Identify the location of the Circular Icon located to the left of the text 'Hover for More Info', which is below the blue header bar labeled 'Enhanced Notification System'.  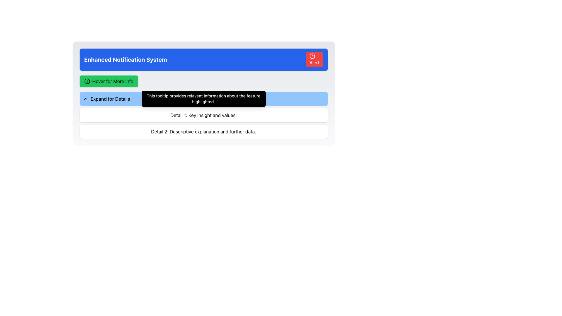
(87, 81).